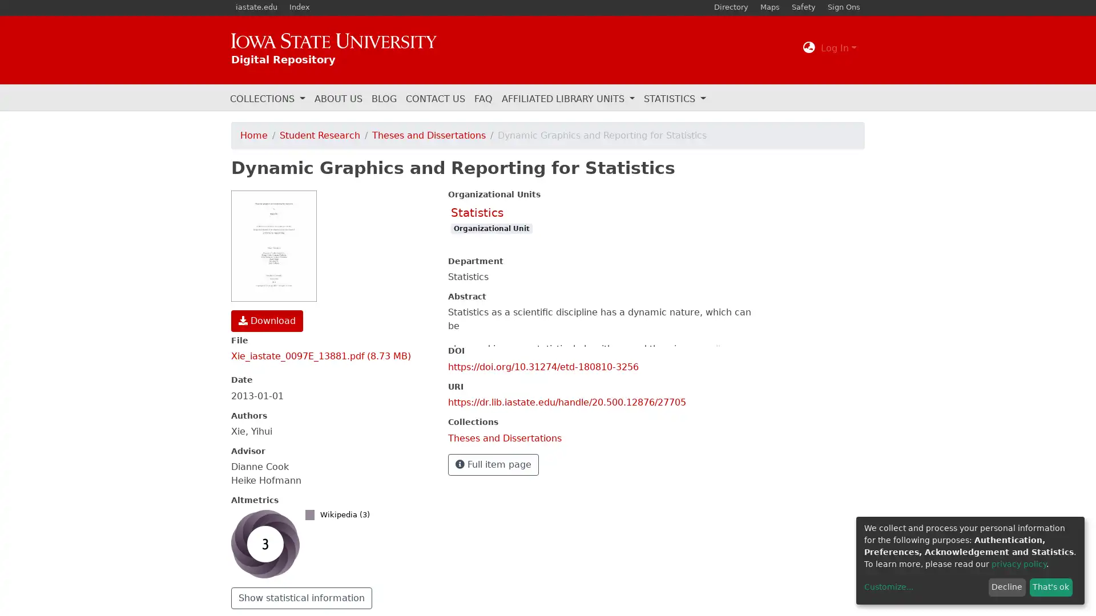  Describe the element at coordinates (301, 597) in the screenshot. I see `Show statistical information` at that location.